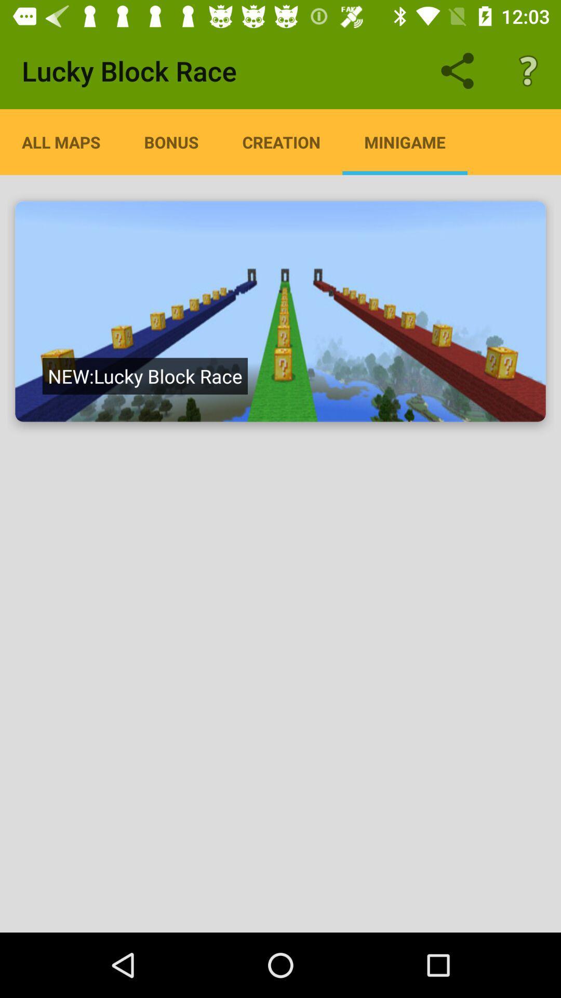  I want to click on the icon to the right of the all maps, so click(171, 141).